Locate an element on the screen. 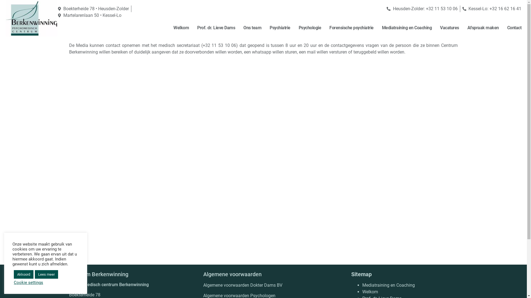 The width and height of the screenshot is (531, 298). 'Welkom' is located at coordinates (181, 28).